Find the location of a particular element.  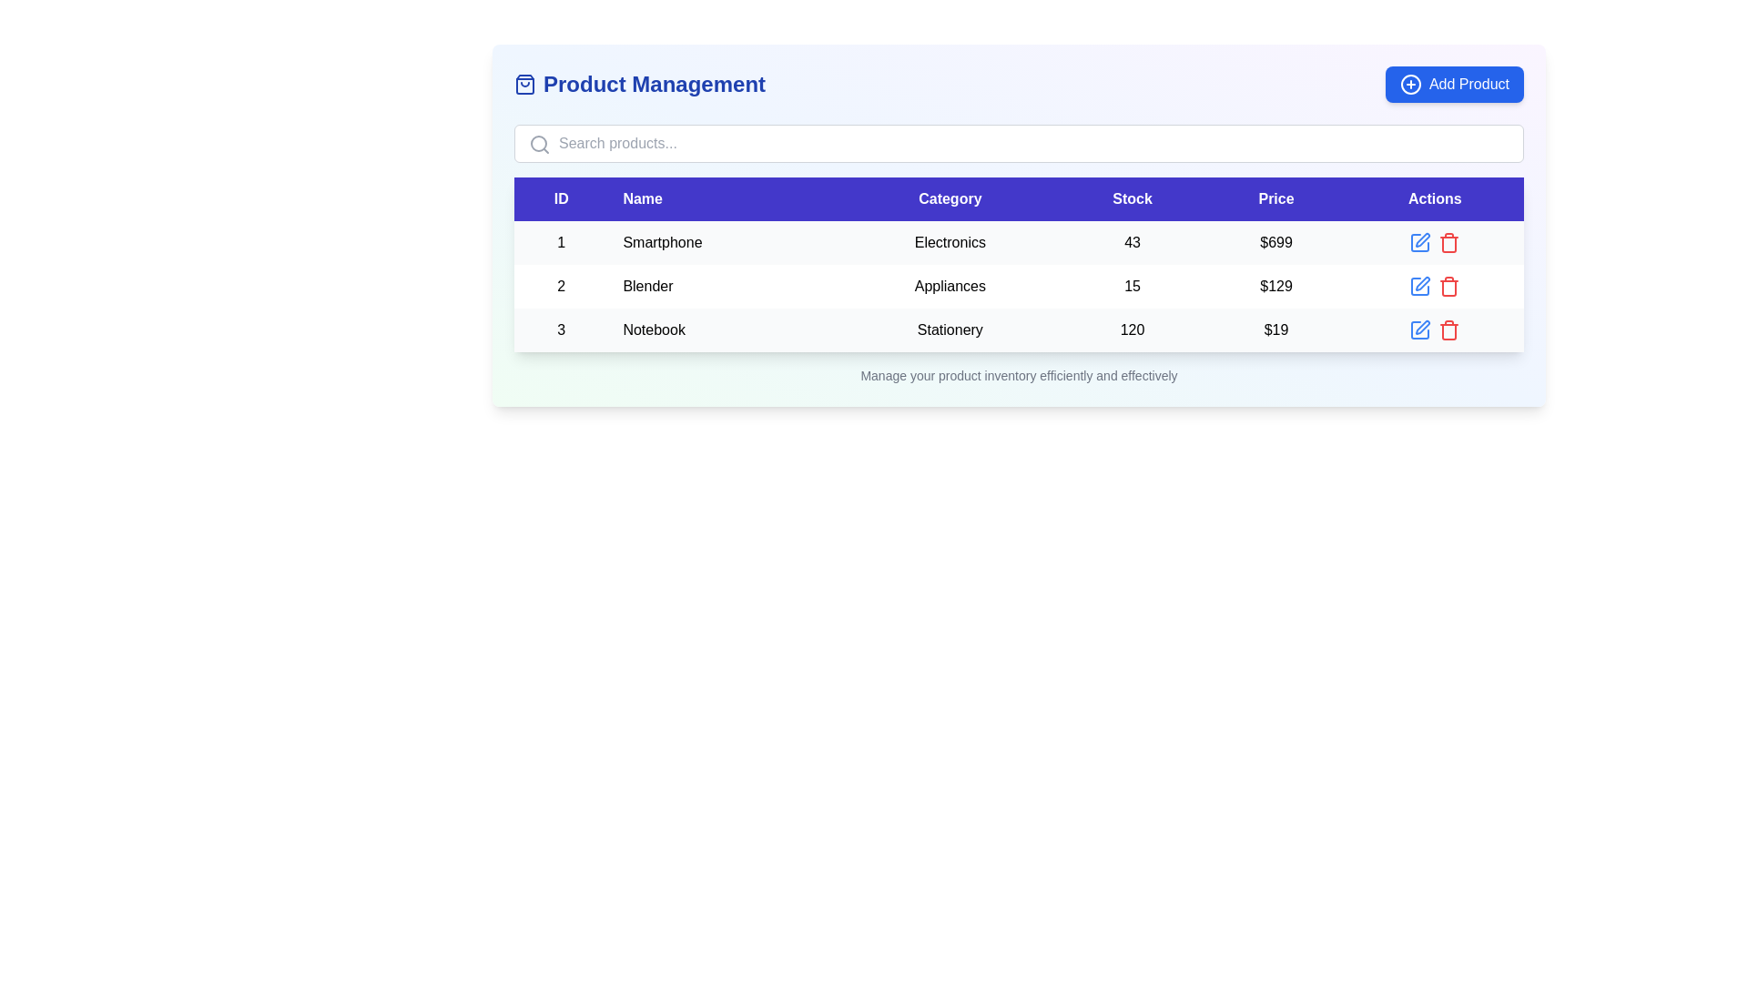

the static text displaying the price '$699' in the 'Price' column of the 'Smartphone' row in the table is located at coordinates (1275, 241).